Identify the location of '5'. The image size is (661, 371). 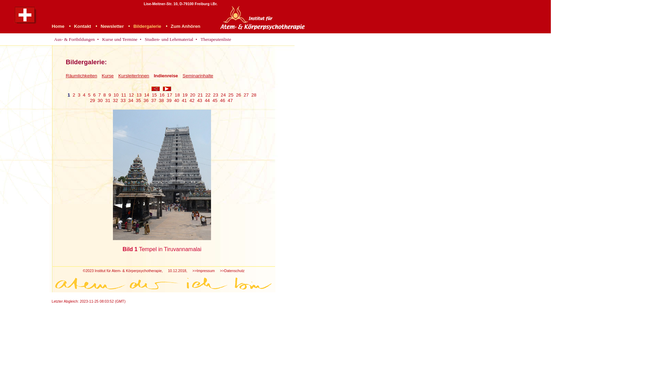
(89, 95).